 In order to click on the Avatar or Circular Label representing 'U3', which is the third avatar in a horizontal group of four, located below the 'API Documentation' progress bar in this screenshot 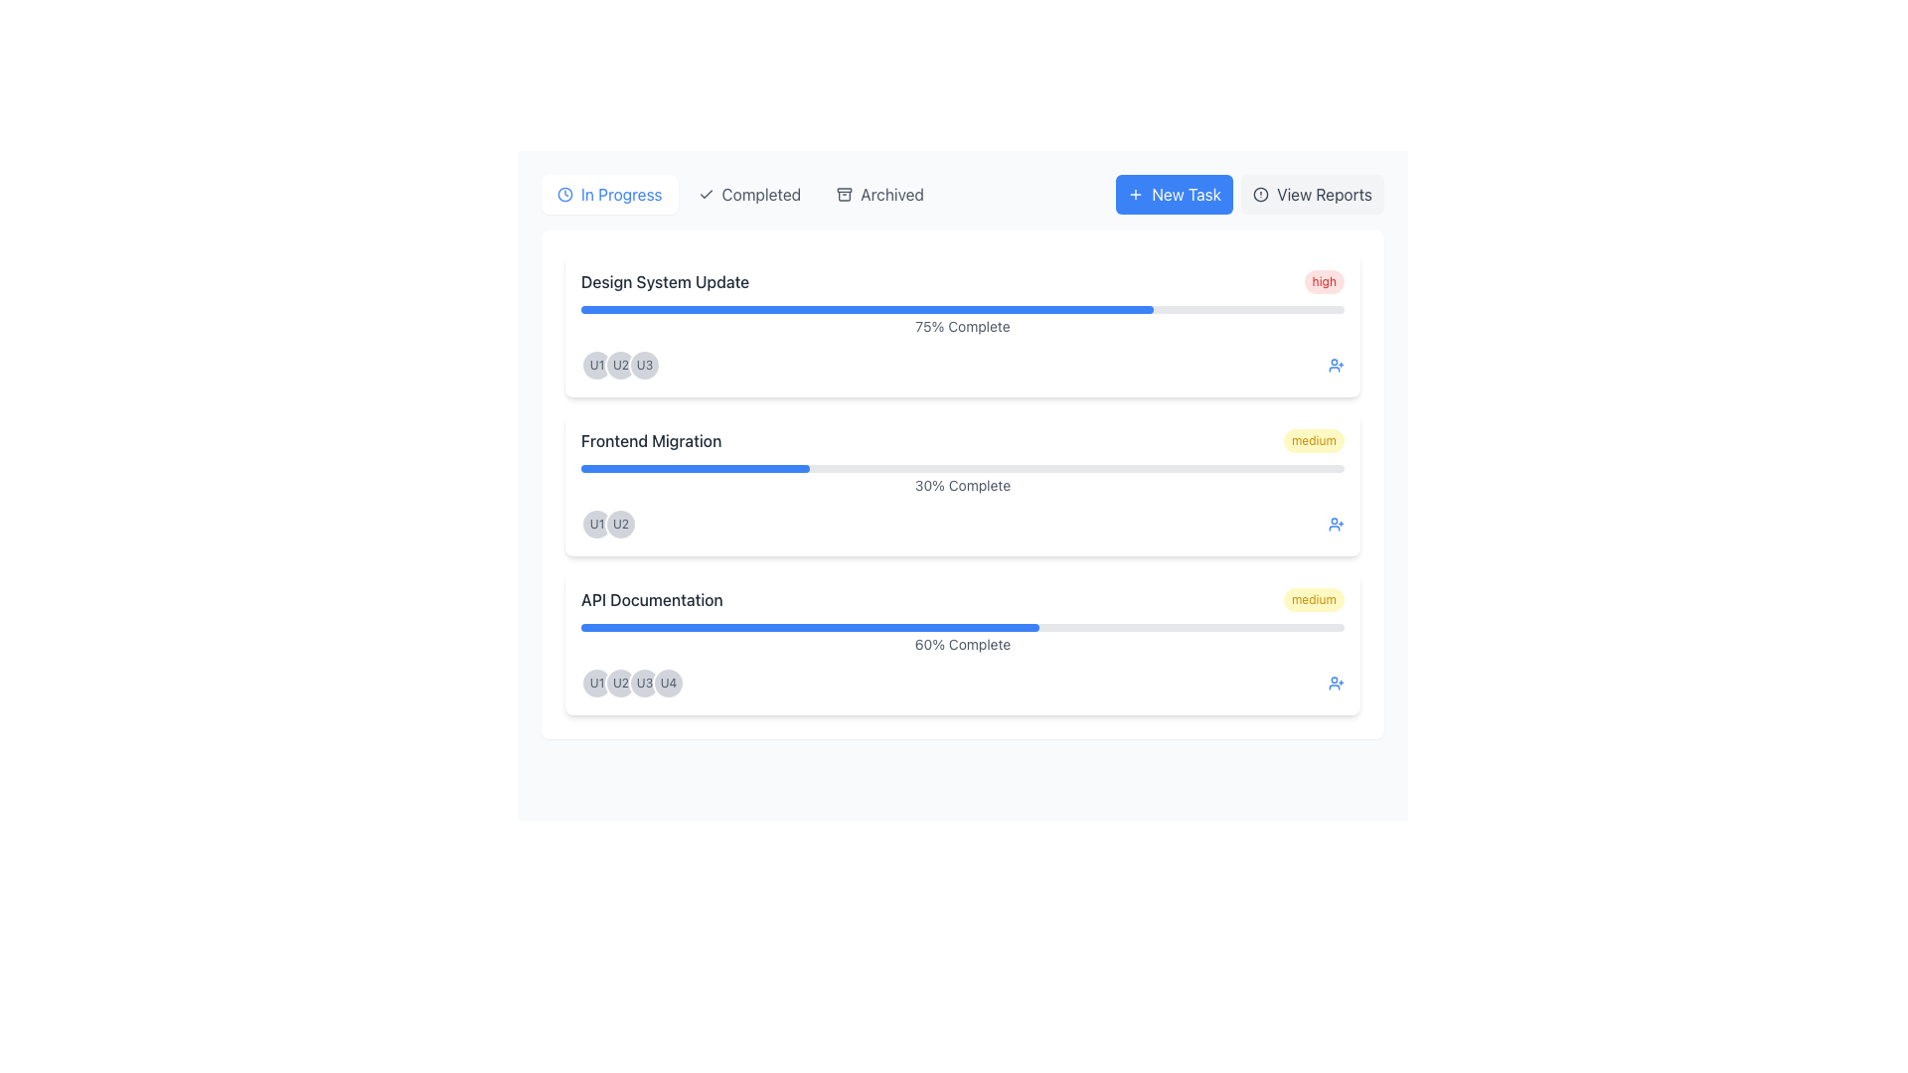, I will do `click(644, 682)`.